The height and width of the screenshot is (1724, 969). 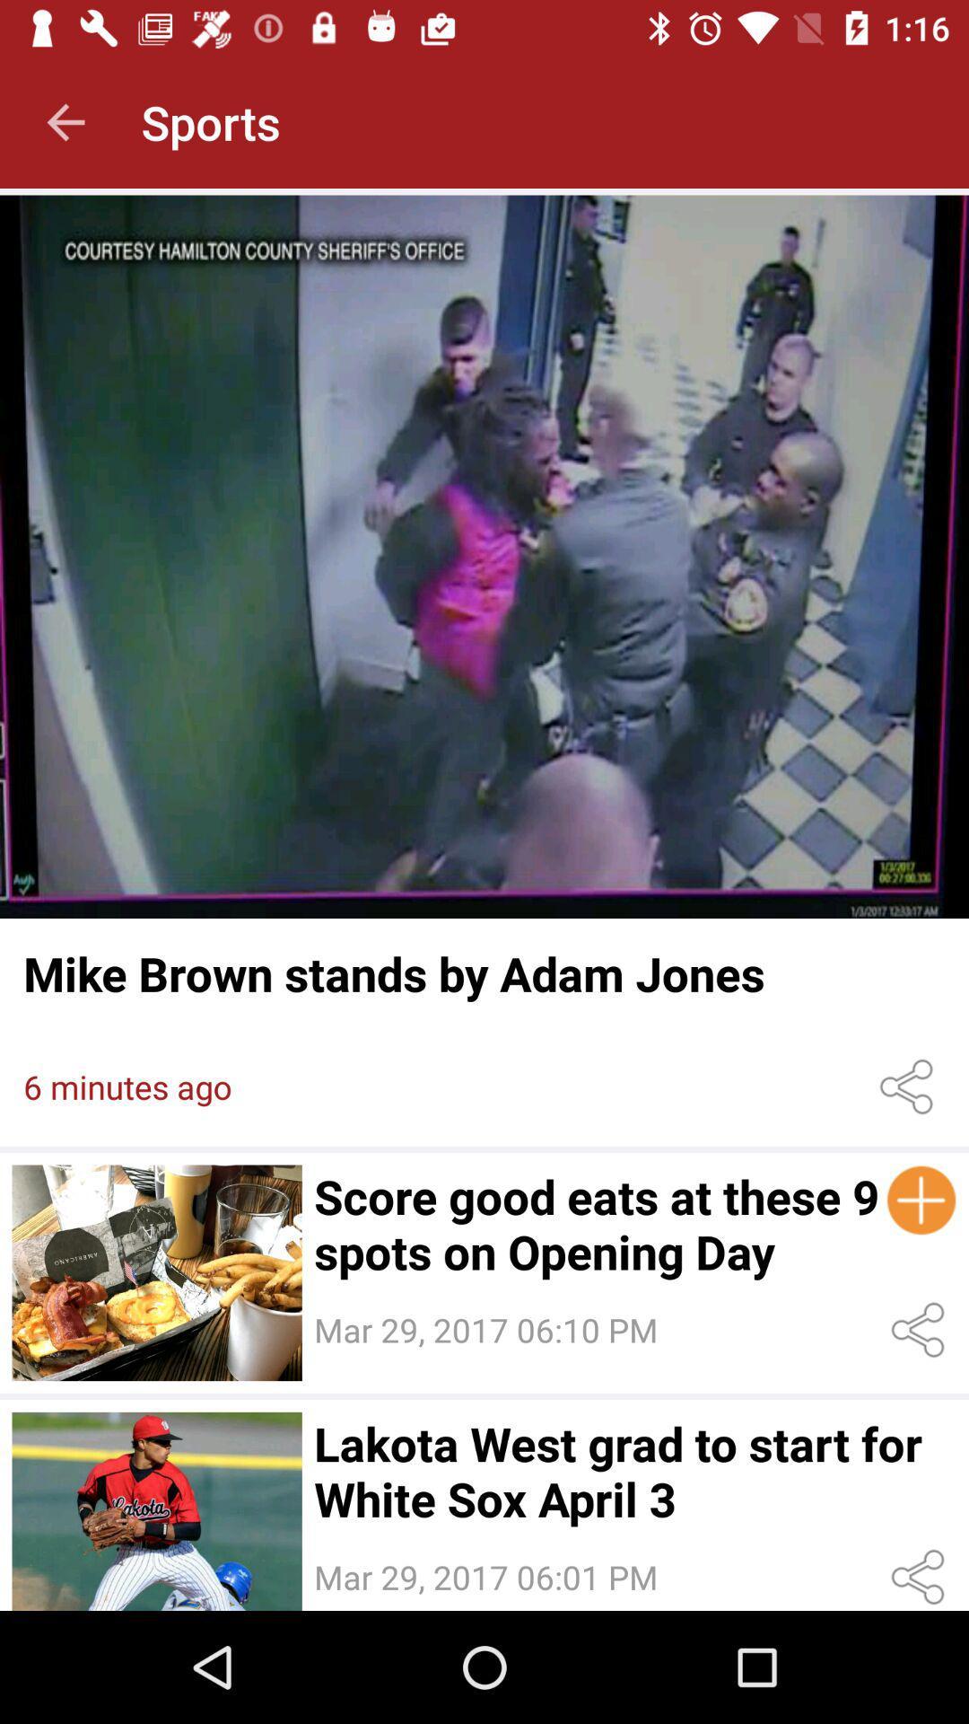 I want to click on open the article, so click(x=156, y=1271).